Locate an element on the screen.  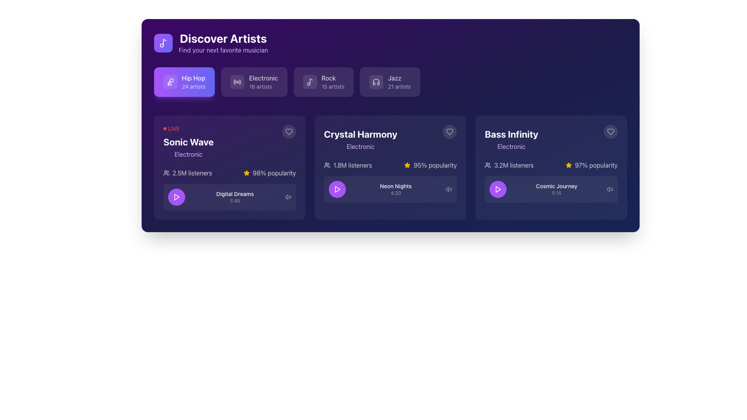
the audio track list item labeled 'Digital Dreams' is located at coordinates (229, 196).